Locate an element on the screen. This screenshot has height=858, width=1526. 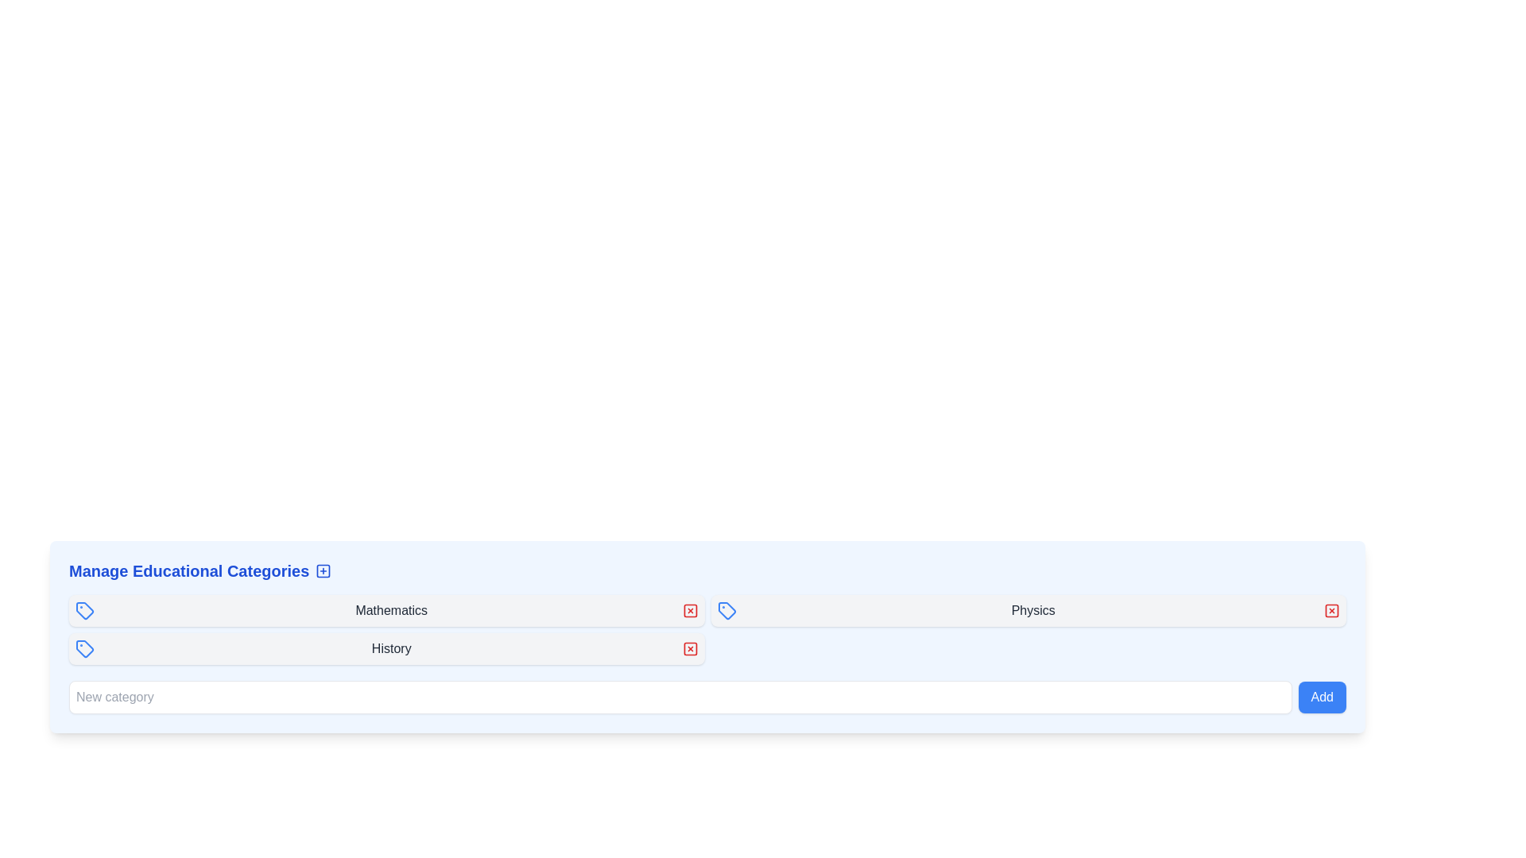
the button located to the right of the 'New category' text input field is located at coordinates (1322, 697).